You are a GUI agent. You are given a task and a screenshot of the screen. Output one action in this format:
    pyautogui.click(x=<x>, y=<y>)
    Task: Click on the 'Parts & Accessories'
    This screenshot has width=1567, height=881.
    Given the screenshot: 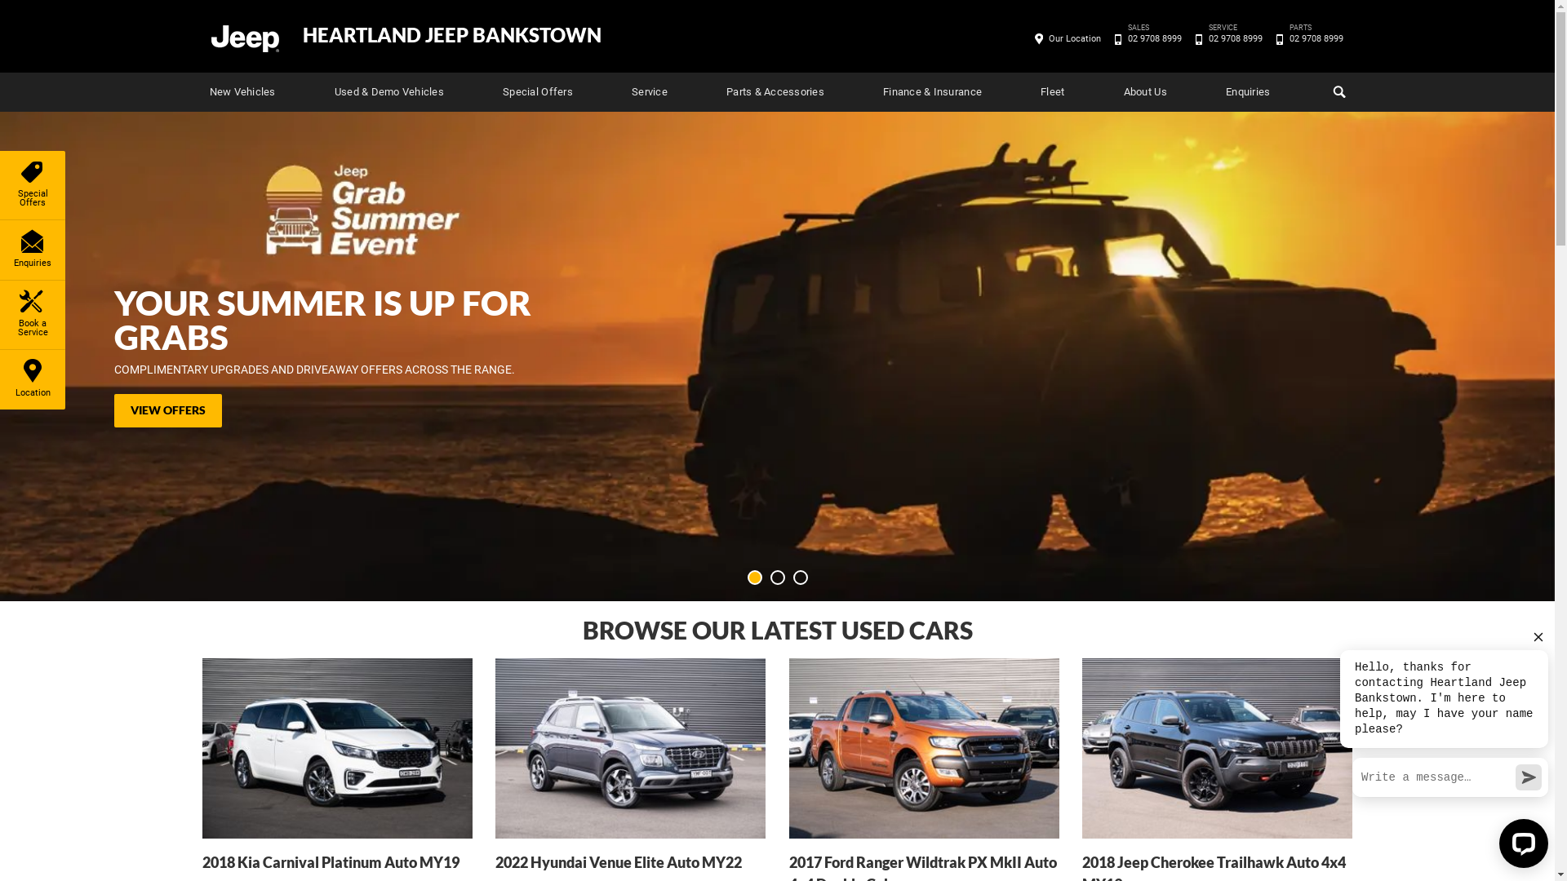 What is the action you would take?
    pyautogui.click(x=725, y=91)
    